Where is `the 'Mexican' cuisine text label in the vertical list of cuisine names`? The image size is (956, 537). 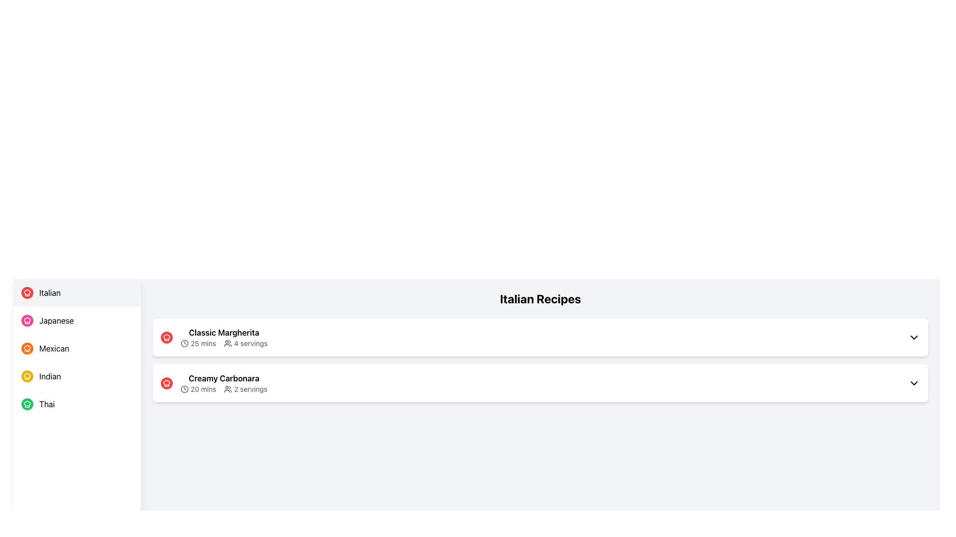 the 'Mexican' cuisine text label in the vertical list of cuisine names is located at coordinates (54, 348).